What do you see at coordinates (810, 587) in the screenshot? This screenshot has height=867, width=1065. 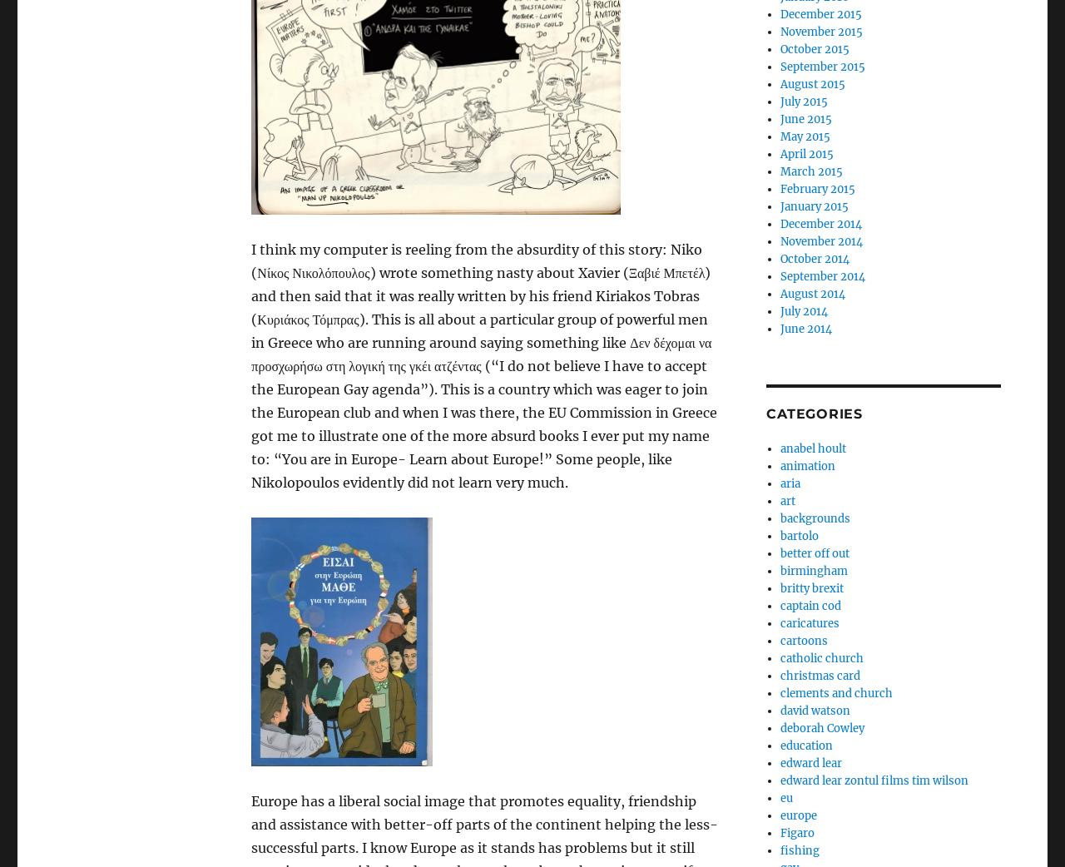 I see `'britty brexit'` at bounding box center [810, 587].